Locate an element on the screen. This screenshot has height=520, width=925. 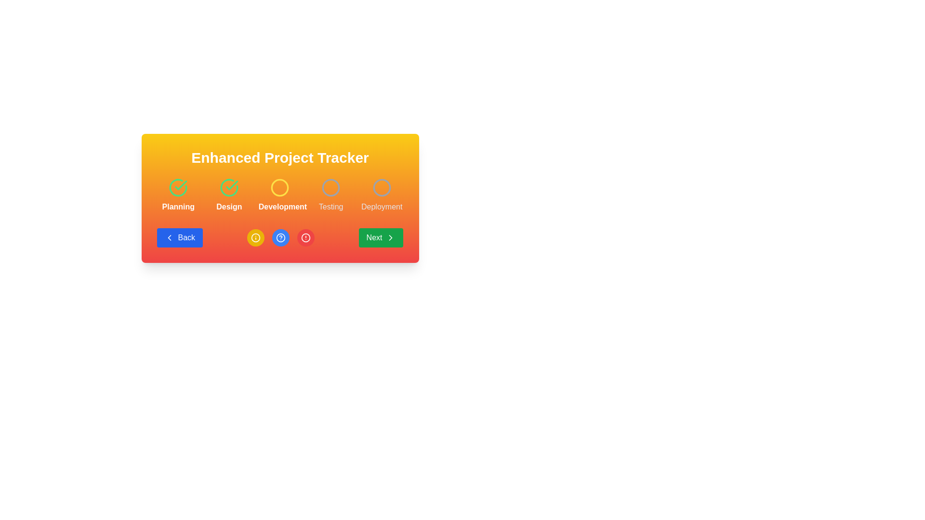
the green checkmark icon and text label saying 'Design' is located at coordinates (228, 195).